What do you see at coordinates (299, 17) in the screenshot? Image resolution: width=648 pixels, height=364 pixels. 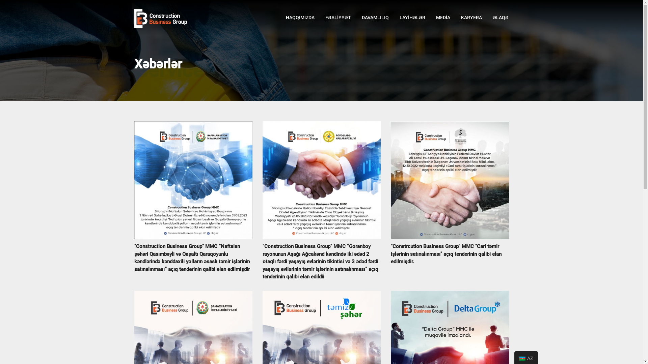 I see `'HAQQIMIZDA'` at bounding box center [299, 17].